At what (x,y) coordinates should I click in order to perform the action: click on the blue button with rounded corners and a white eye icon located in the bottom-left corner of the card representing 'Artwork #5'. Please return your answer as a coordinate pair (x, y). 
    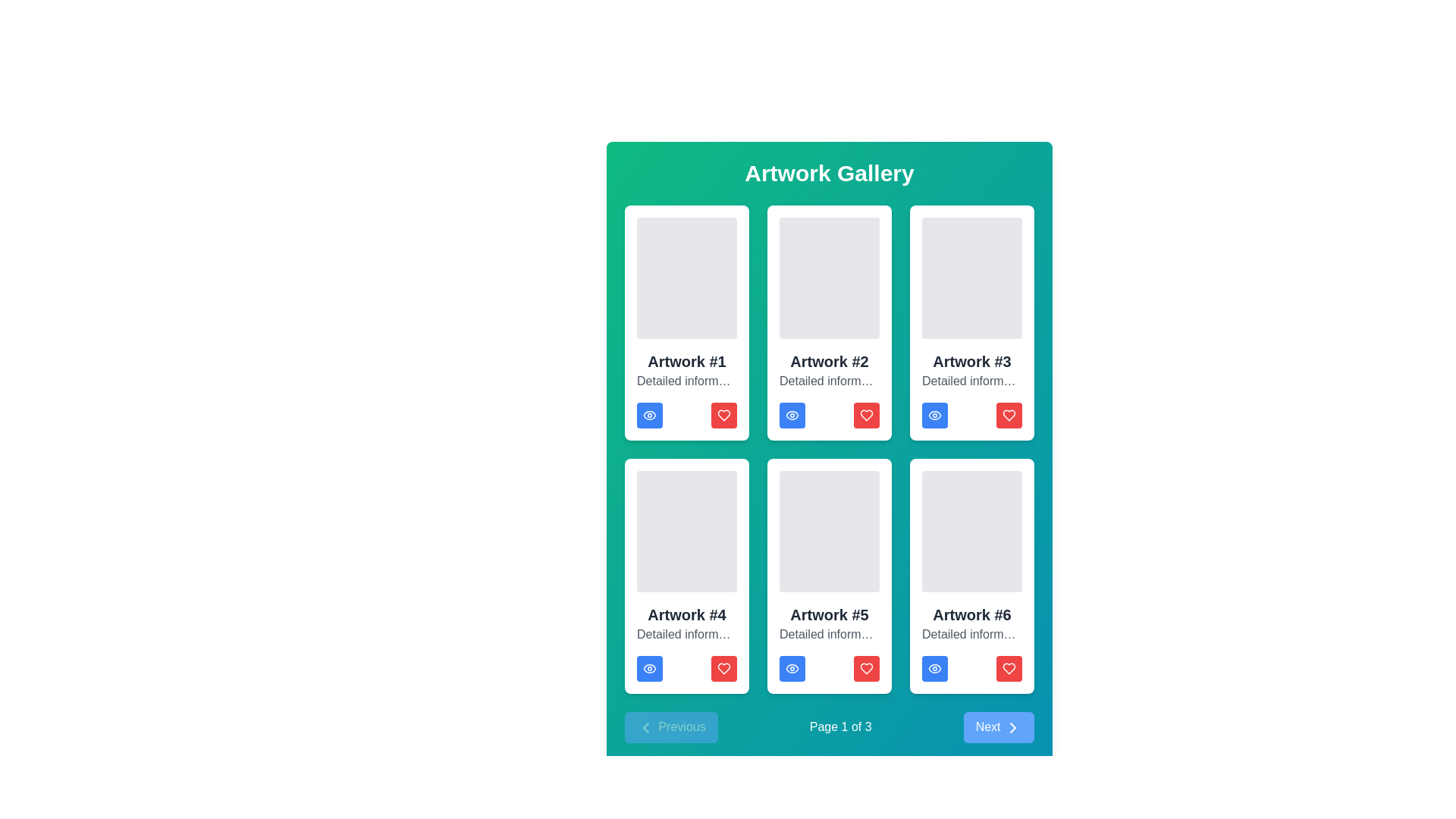
    Looking at the image, I should click on (792, 668).